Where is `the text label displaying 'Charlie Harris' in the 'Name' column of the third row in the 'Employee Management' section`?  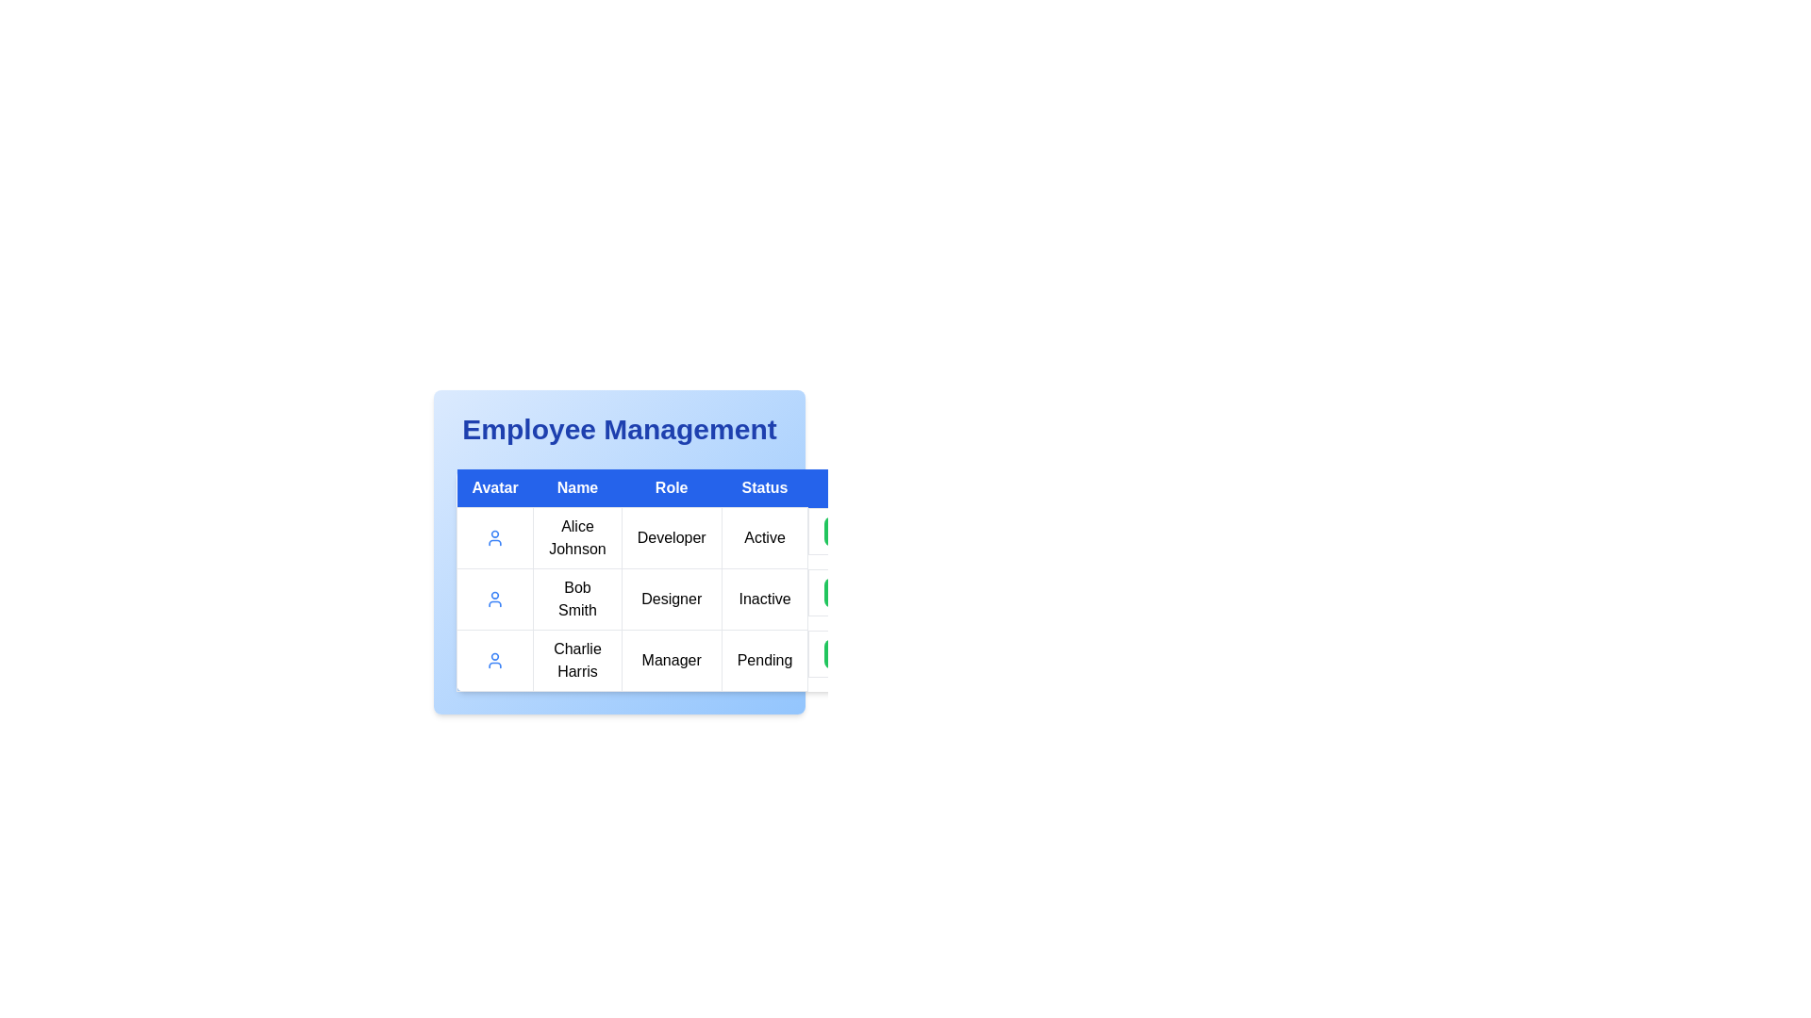 the text label displaying 'Charlie Harris' in the 'Name' column of the third row in the 'Employee Management' section is located at coordinates (576, 660).